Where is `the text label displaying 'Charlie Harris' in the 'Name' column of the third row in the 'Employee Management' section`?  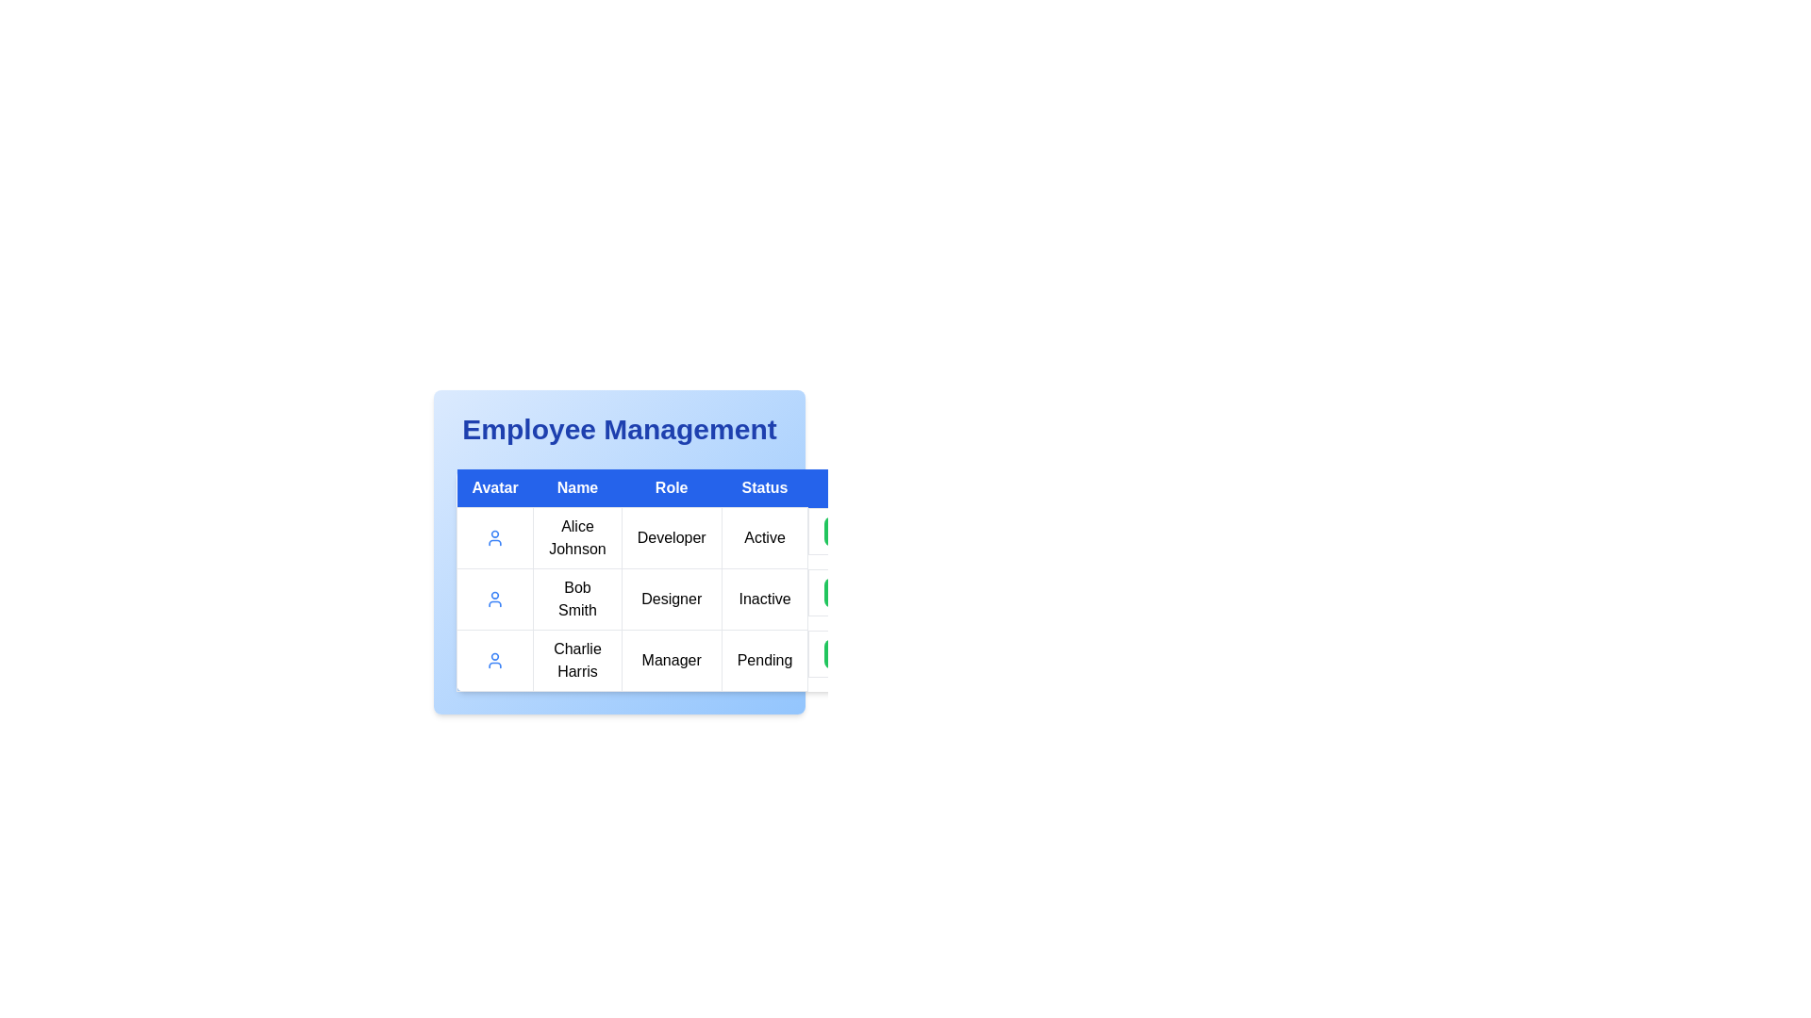 the text label displaying 'Charlie Harris' in the 'Name' column of the third row in the 'Employee Management' section is located at coordinates (576, 660).